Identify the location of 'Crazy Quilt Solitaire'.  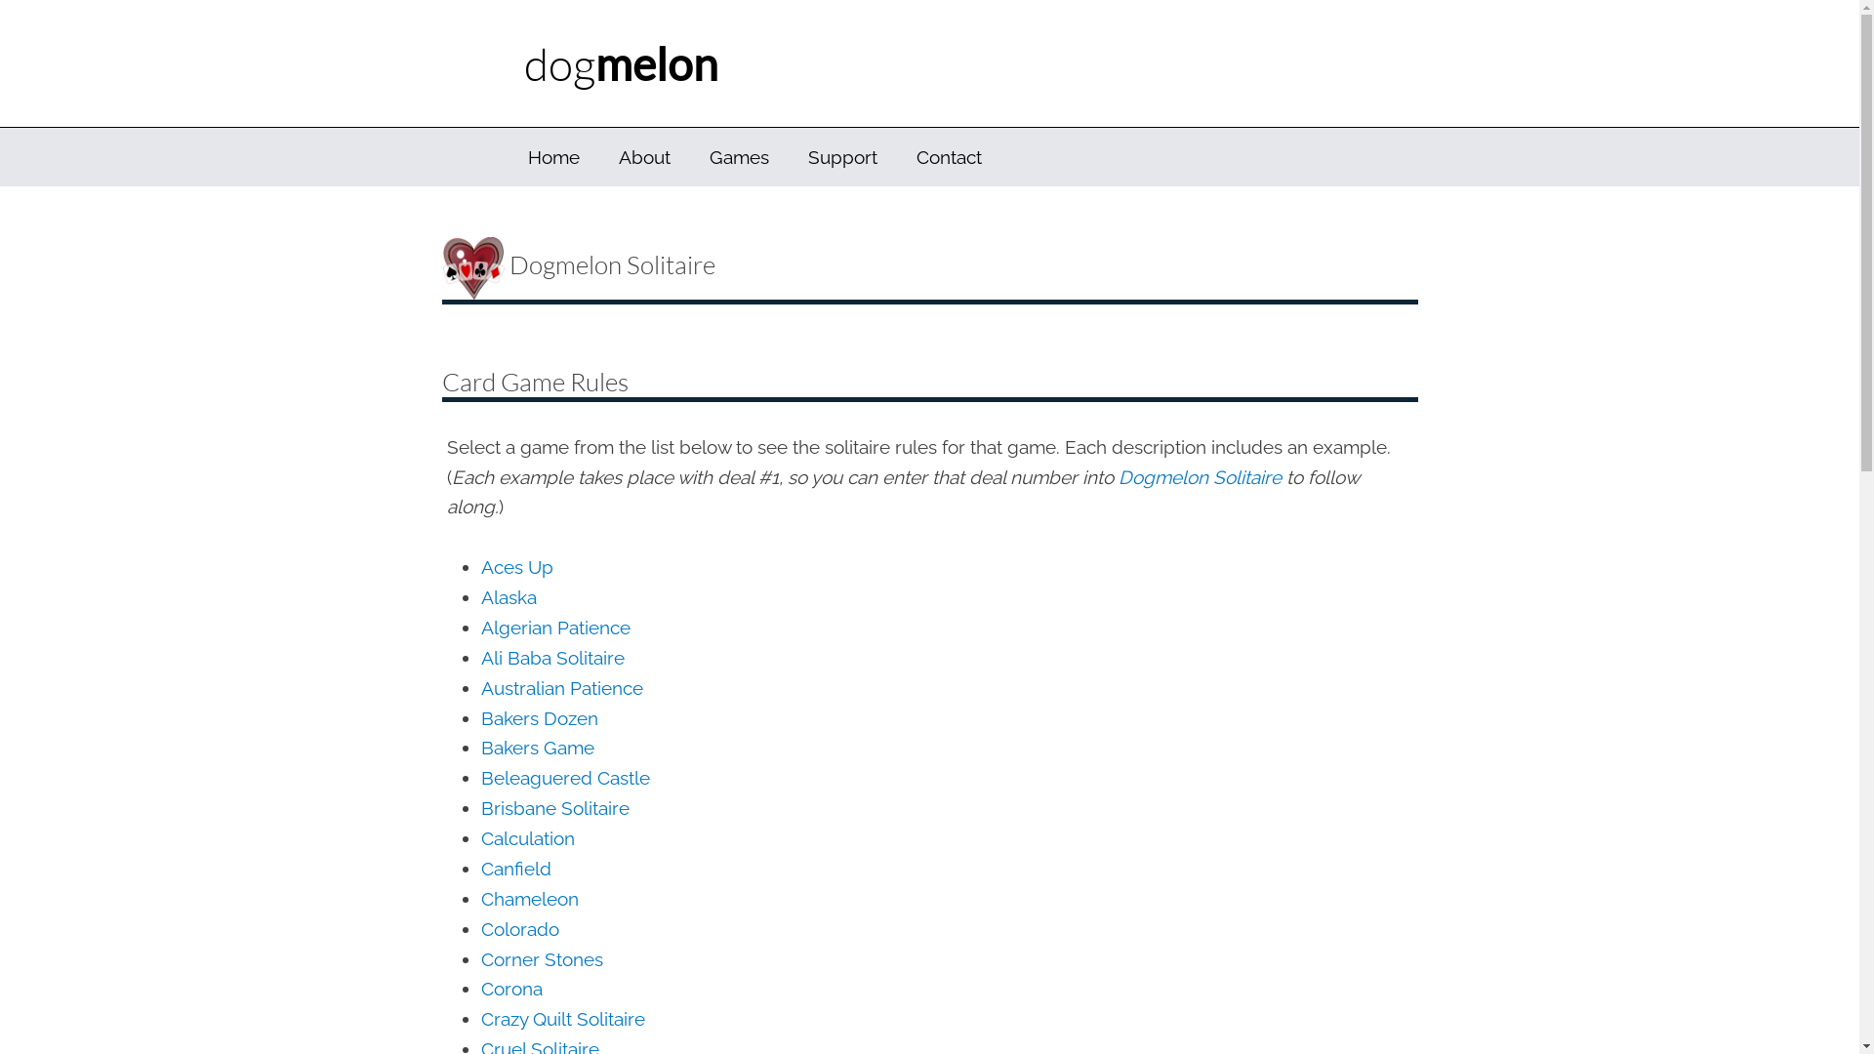
(561, 1018).